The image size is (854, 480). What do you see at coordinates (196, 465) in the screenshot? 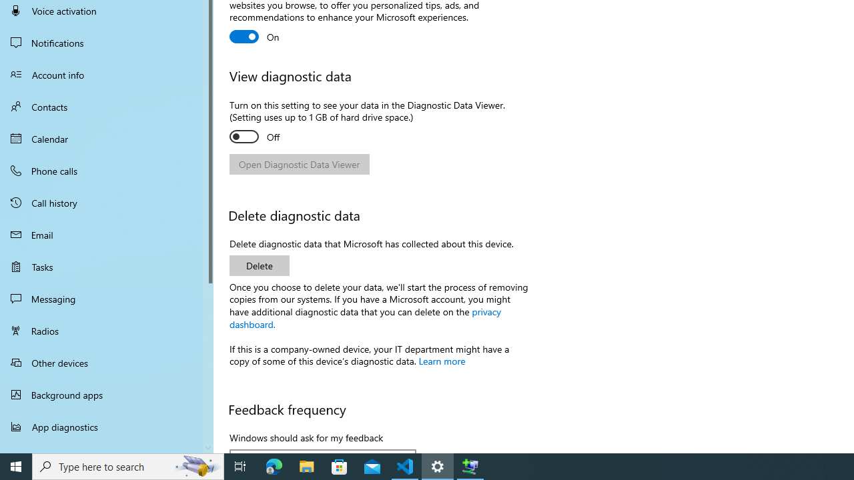
I see `'Search highlights icon opens search home window'` at bounding box center [196, 465].